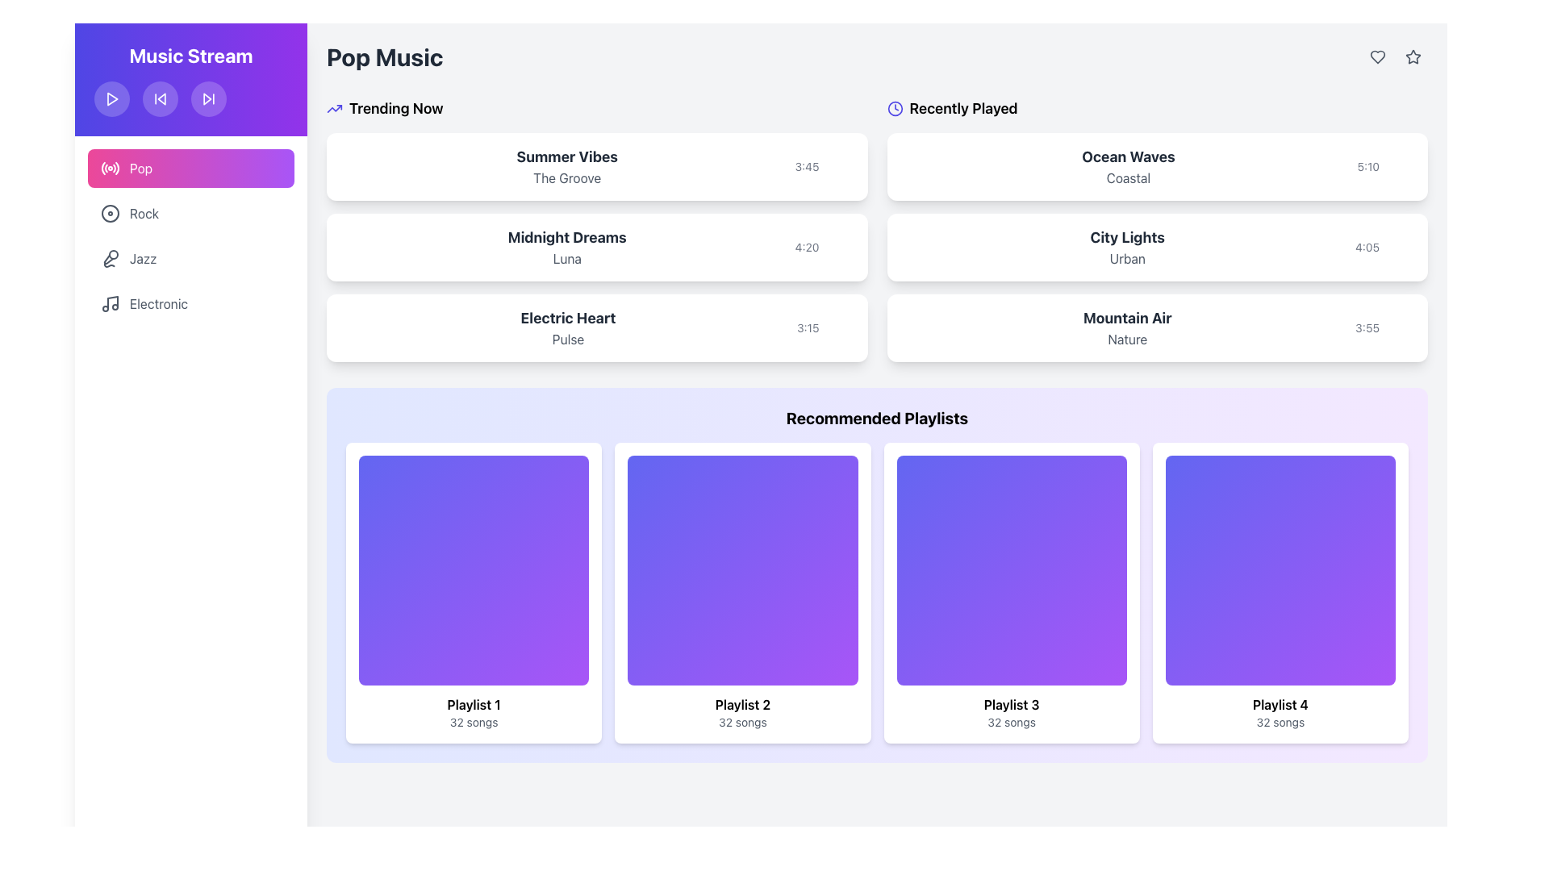 This screenshot has height=871, width=1549. What do you see at coordinates (808, 327) in the screenshot?
I see `duration label for the 'Electric Heart' song located in the right-side group of the 'Trending Now' section, adjacent to a circular button and an icon` at bounding box center [808, 327].